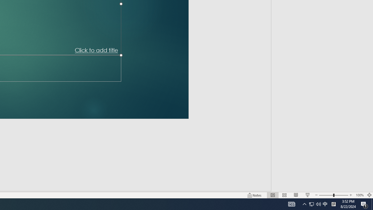 This screenshot has width=373, height=210. What do you see at coordinates (359, 195) in the screenshot?
I see `'Zoom 100%'` at bounding box center [359, 195].